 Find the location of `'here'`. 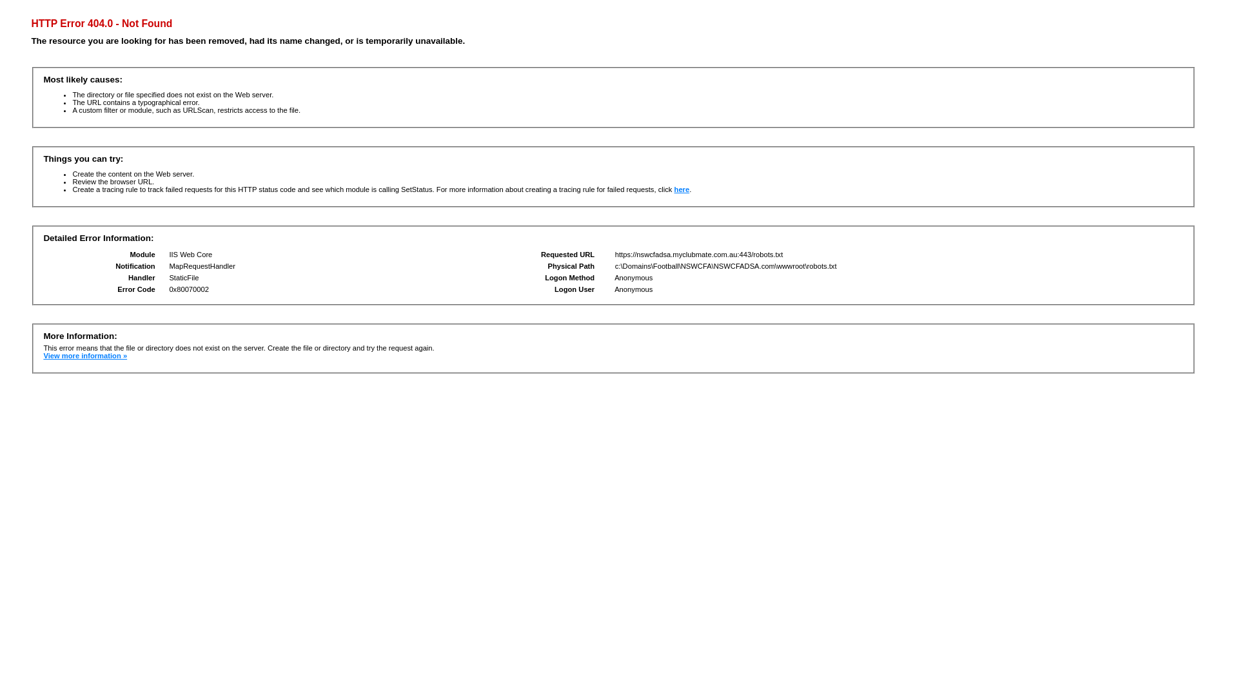

'here' is located at coordinates (681, 189).